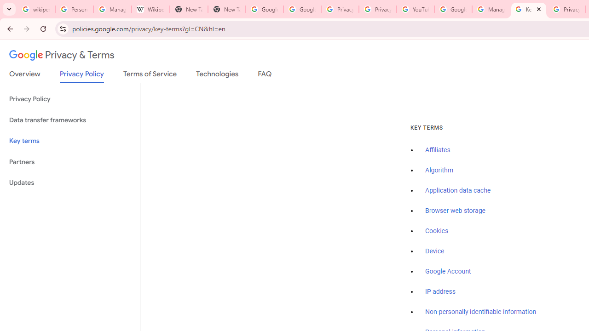 This screenshot has width=589, height=331. Describe the element at coordinates (415, 9) in the screenshot. I see `'YouTube'` at that location.